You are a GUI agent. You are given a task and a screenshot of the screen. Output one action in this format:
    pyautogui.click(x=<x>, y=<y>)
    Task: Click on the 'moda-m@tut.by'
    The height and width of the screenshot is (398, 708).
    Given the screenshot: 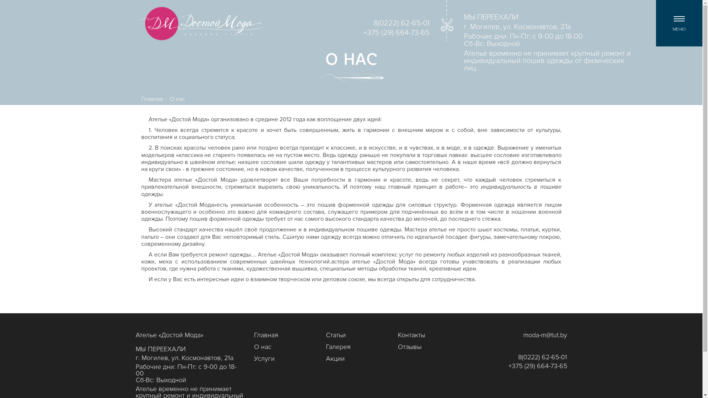 What is the action you would take?
    pyautogui.click(x=545, y=335)
    